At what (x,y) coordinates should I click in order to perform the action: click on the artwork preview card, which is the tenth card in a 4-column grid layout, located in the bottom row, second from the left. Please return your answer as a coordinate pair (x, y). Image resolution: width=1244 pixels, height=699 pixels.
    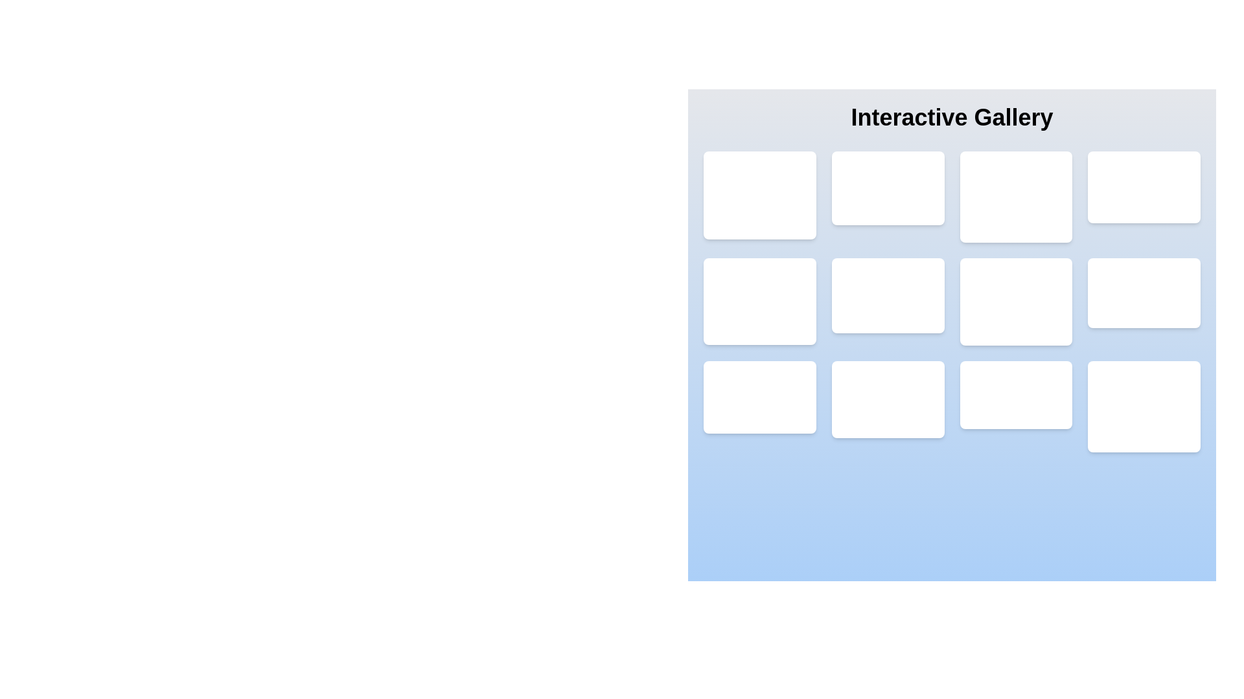
    Looking at the image, I should click on (887, 399).